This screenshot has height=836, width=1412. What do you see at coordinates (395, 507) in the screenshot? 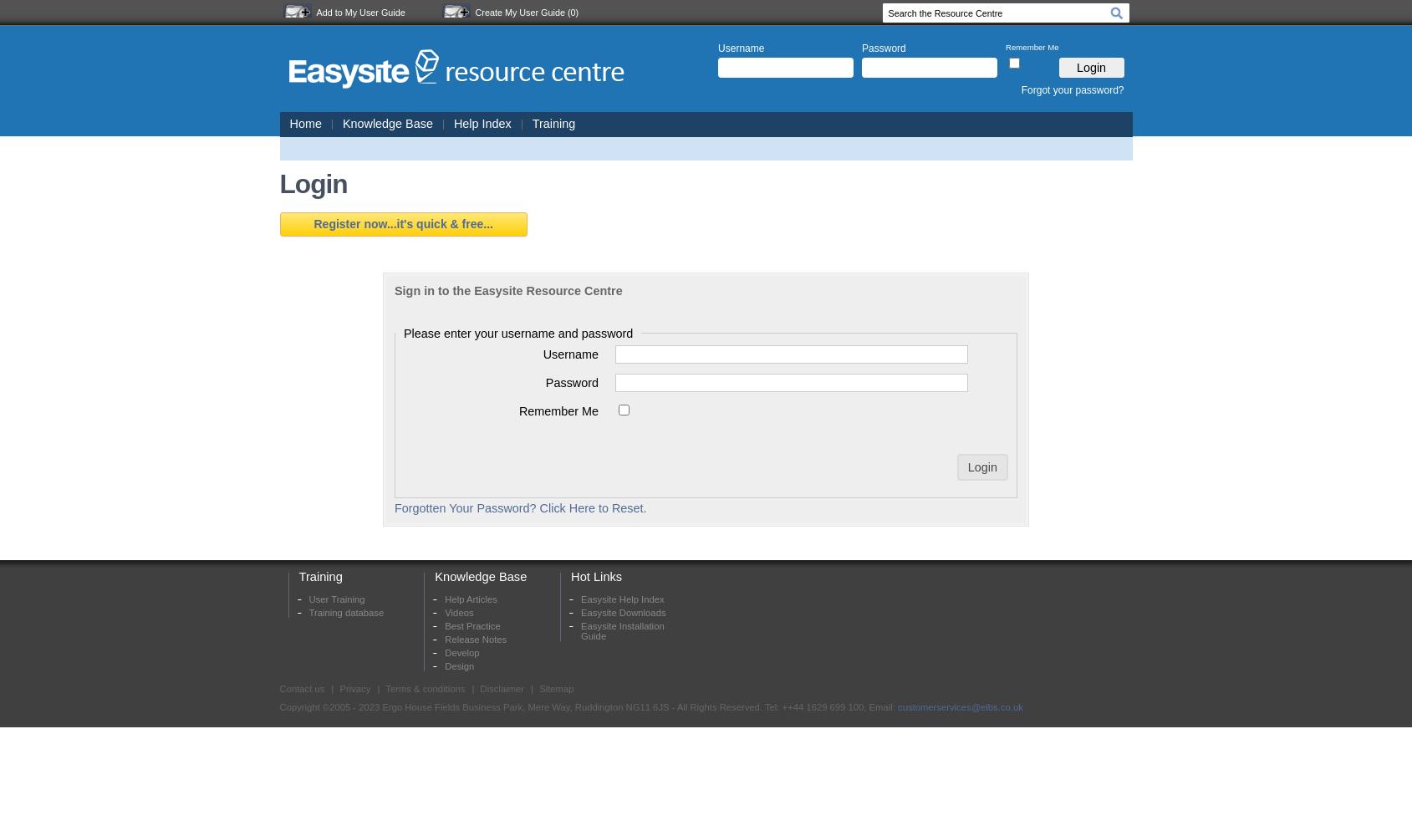
I see `'Forgotten Your Password? Click Here to Reset.'` at bounding box center [395, 507].